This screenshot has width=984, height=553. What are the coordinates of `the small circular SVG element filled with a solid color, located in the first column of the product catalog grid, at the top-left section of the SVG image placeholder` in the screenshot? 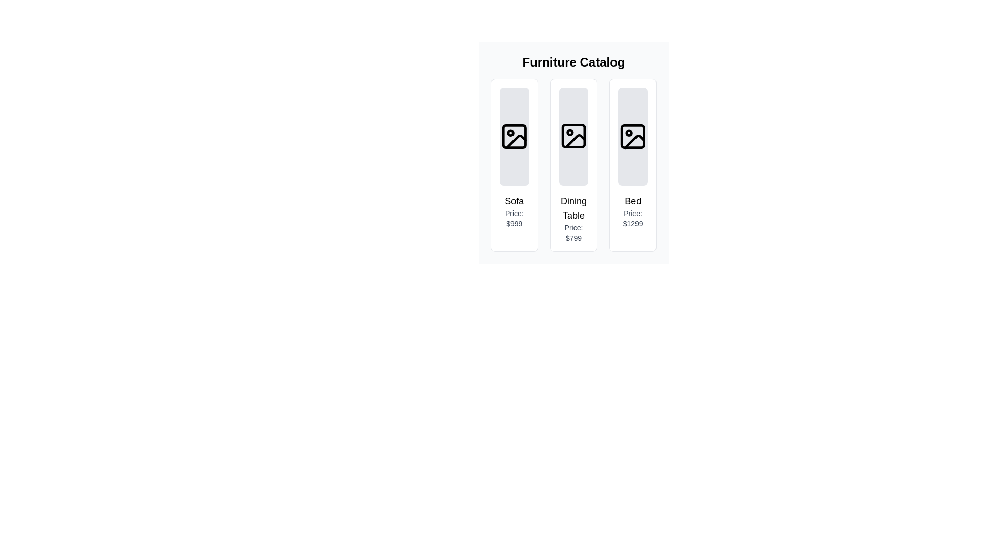 It's located at (510, 132).